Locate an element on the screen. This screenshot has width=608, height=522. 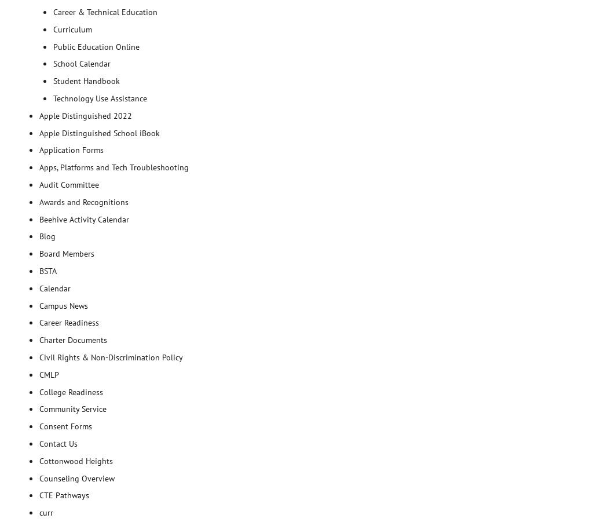
'Calendar' is located at coordinates (55, 287).